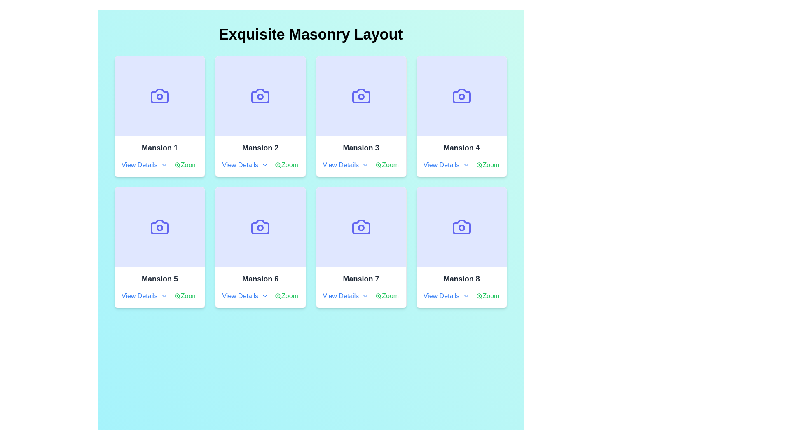  Describe the element at coordinates (260, 95) in the screenshot. I see `the camera icon located in the second card of the first row in the 'Exquisite Masonry Layout' grid` at that location.